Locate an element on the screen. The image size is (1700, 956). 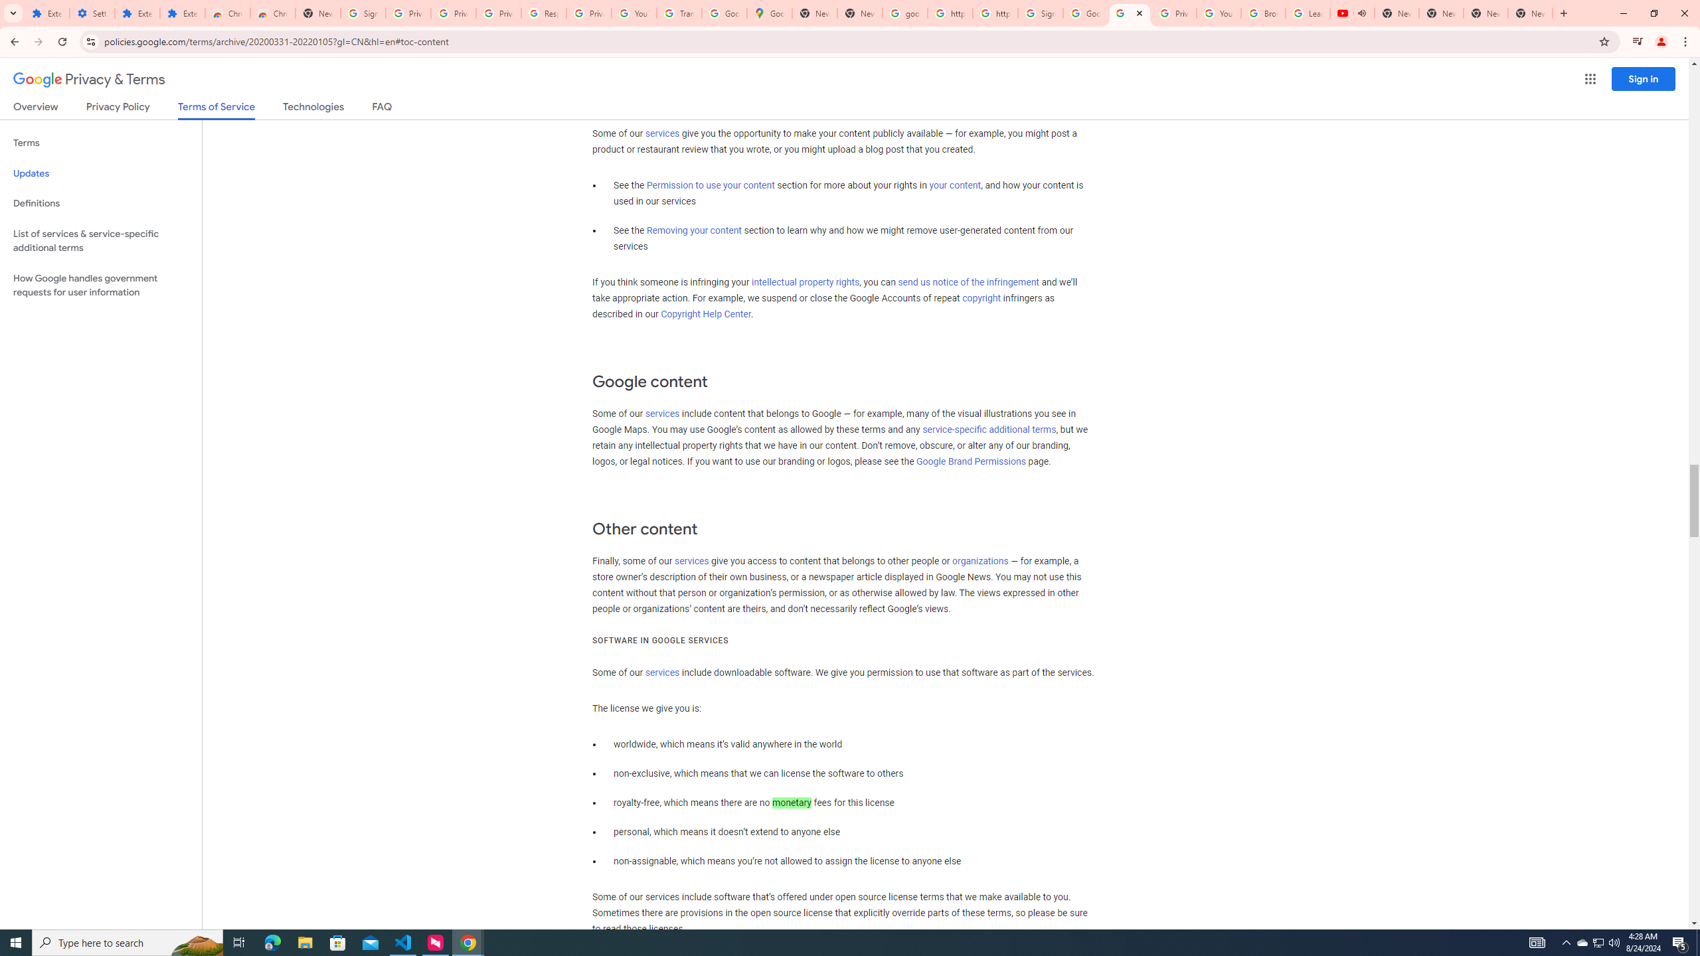
'Removing your content' is located at coordinates (693, 230).